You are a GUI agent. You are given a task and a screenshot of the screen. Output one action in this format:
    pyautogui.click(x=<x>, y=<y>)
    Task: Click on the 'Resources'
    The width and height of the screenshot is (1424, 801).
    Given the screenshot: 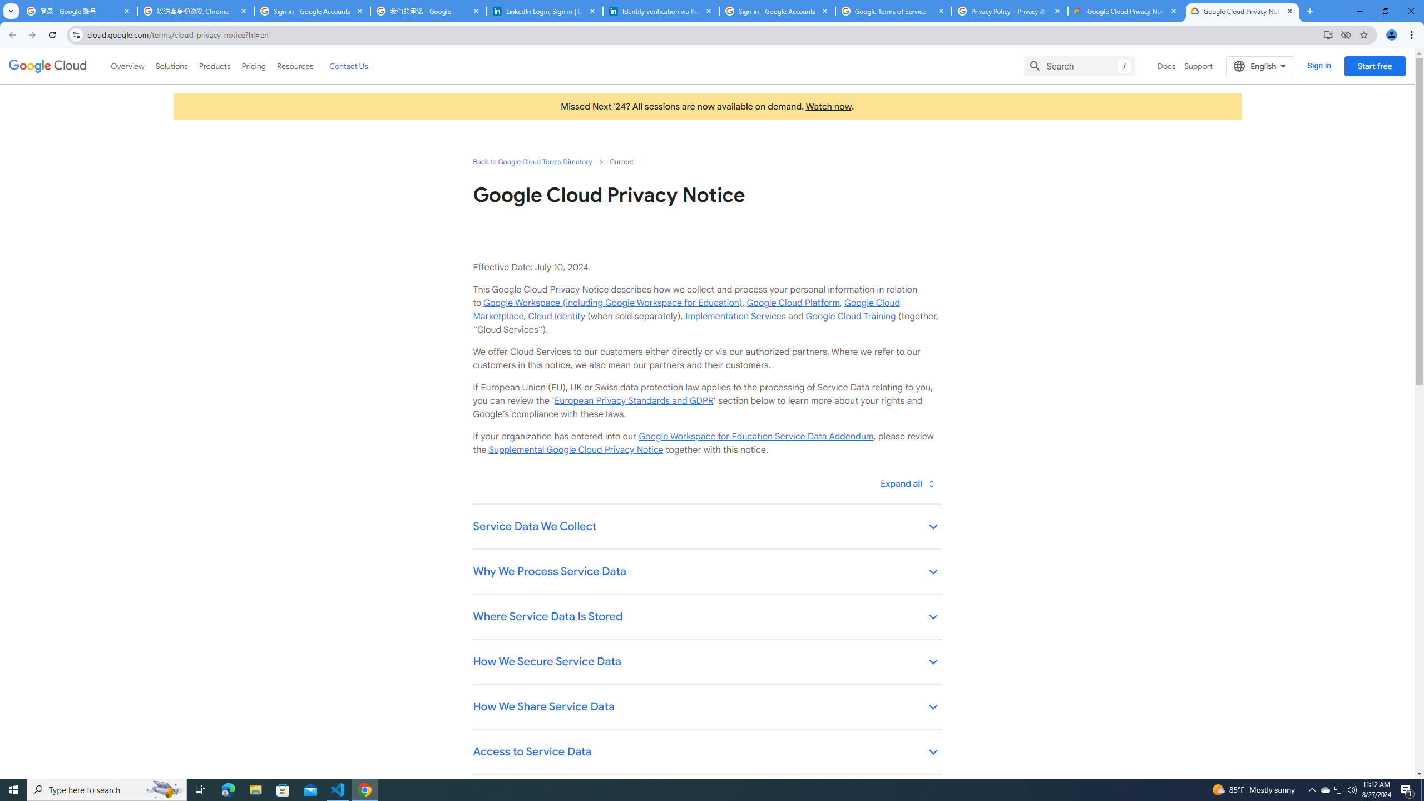 What is the action you would take?
    pyautogui.click(x=294, y=66)
    